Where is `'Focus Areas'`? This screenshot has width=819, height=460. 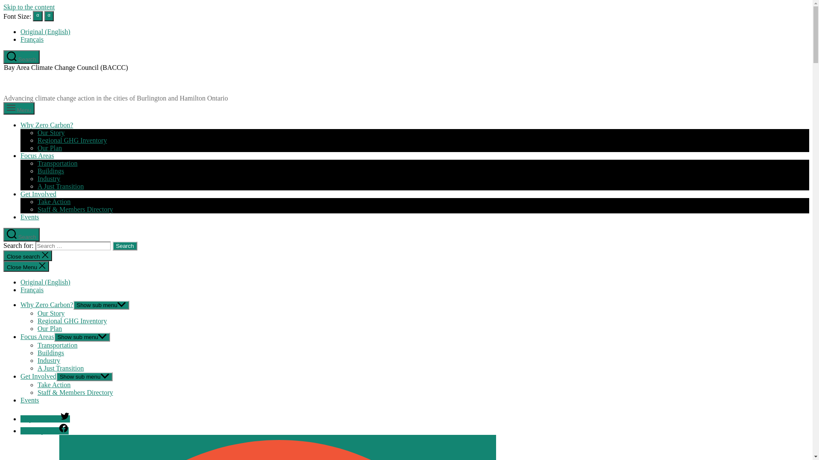 'Focus Areas' is located at coordinates (37, 336).